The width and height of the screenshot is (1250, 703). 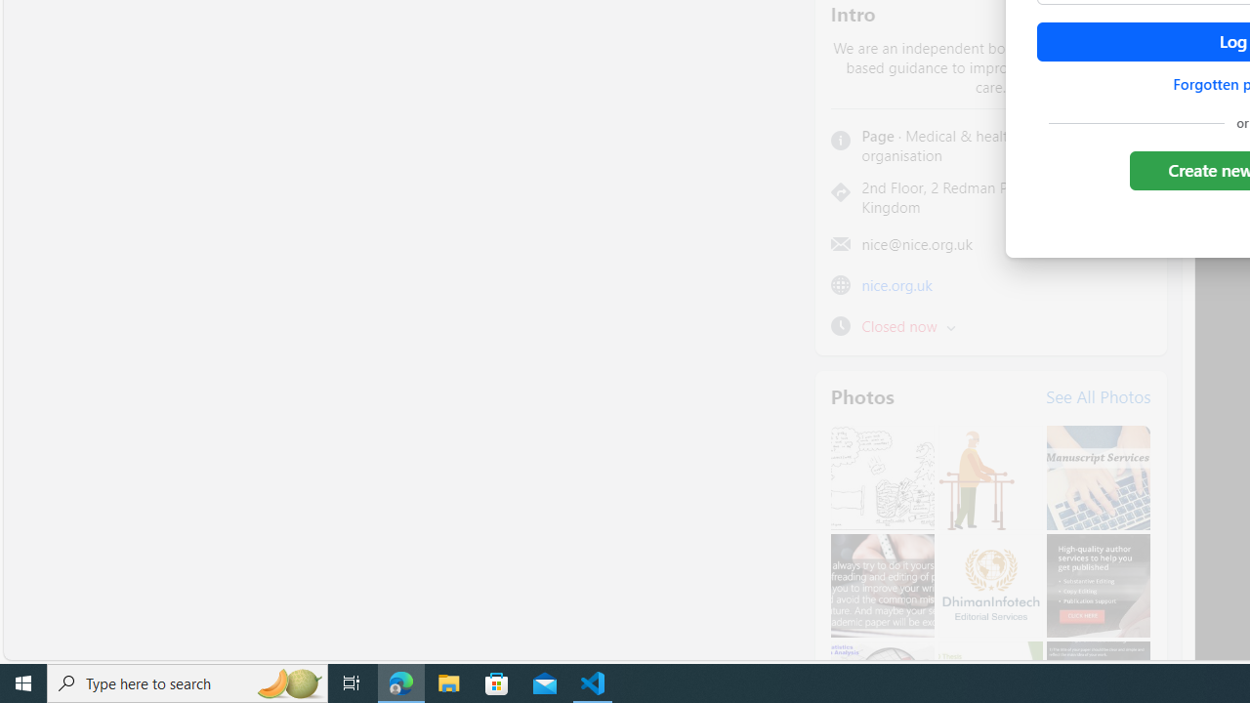 I want to click on 'Task View', so click(x=351, y=682).